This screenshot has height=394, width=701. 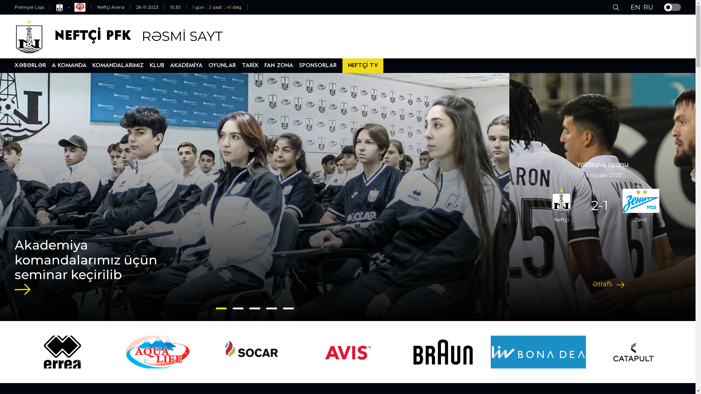 I want to click on 'FAN ZONA', so click(x=278, y=66).